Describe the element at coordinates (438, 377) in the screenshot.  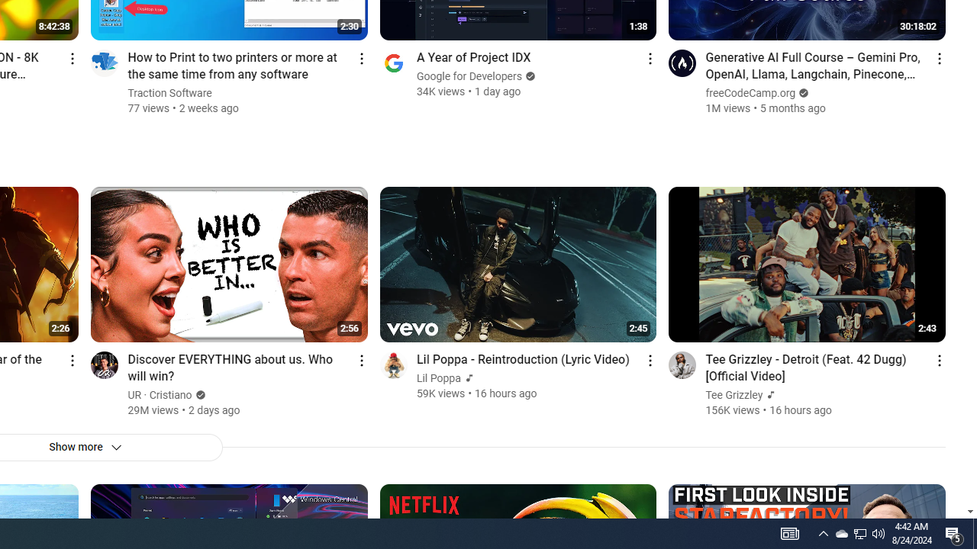
I see `'Lil Poppa'` at that location.